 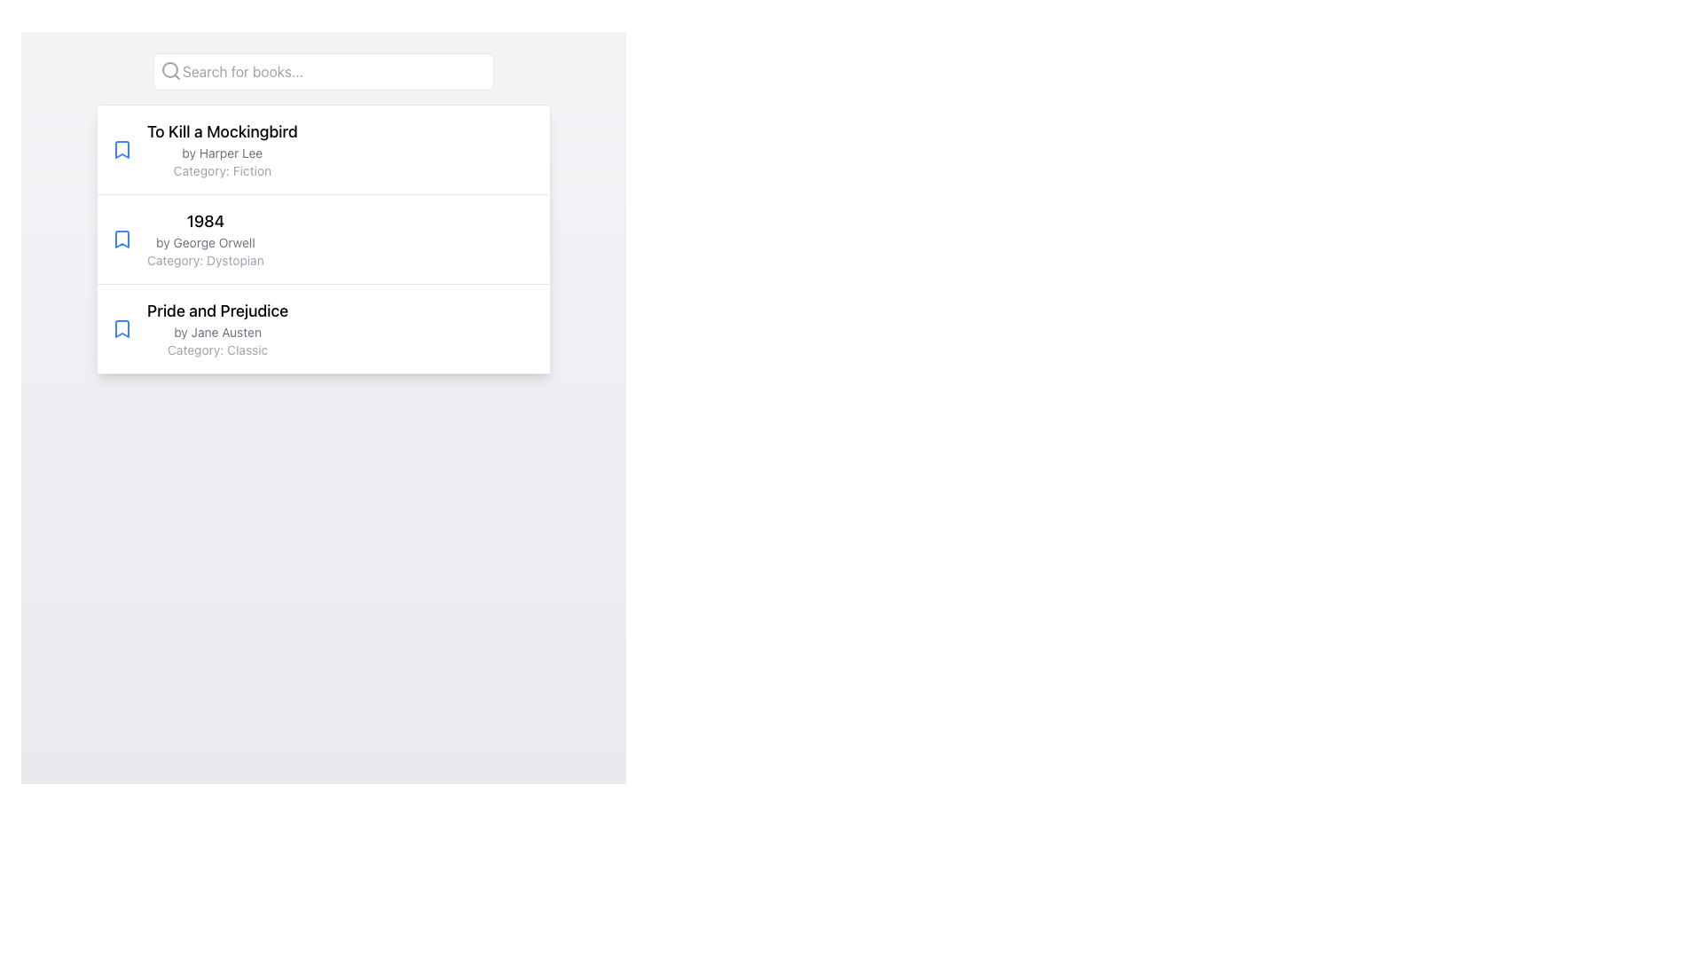 What do you see at coordinates (122, 239) in the screenshot?
I see `the blue outlined bookmark icon located to the left of the text '1984' in the second book entry` at bounding box center [122, 239].